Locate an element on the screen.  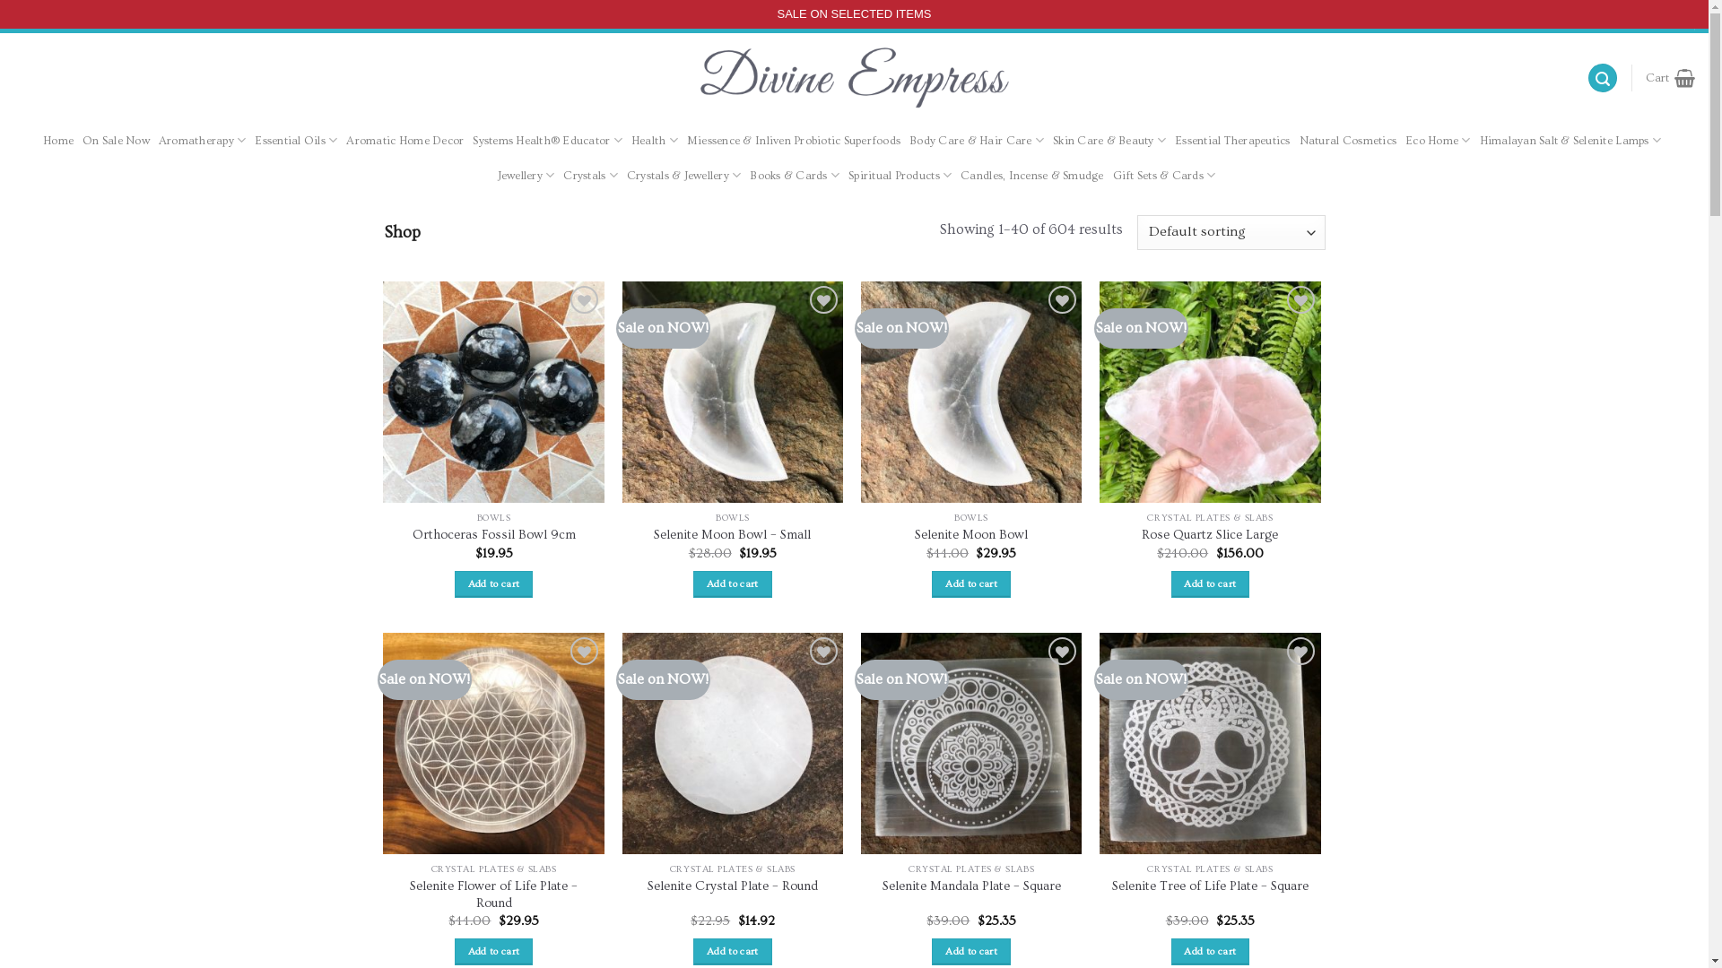
'Orthoceras Fossil Bowl 9cm' is located at coordinates (412, 534).